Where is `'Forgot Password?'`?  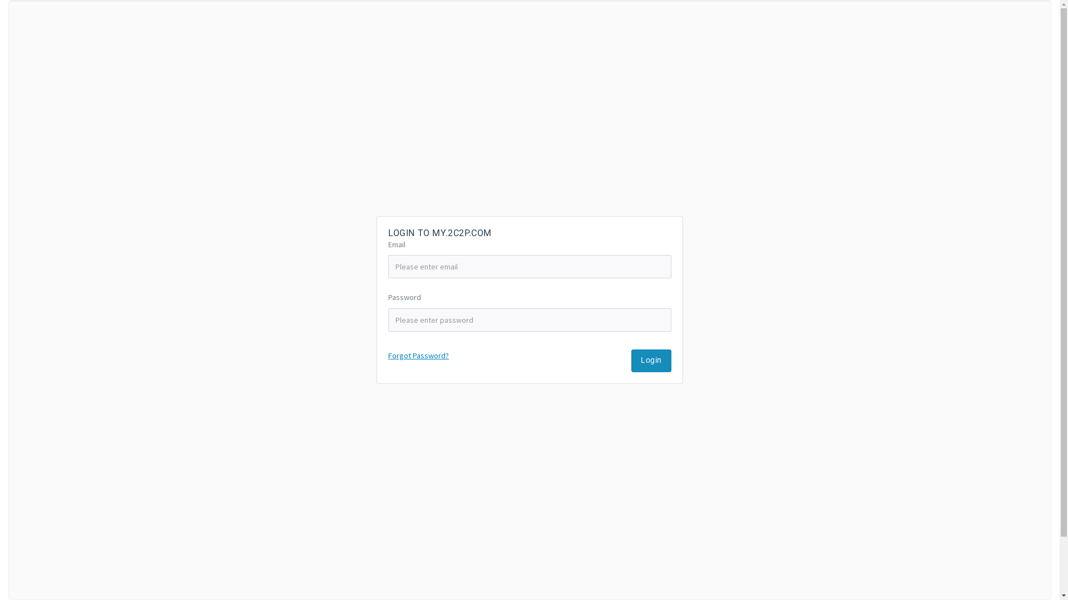
'Forgot Password?' is located at coordinates (388, 356).